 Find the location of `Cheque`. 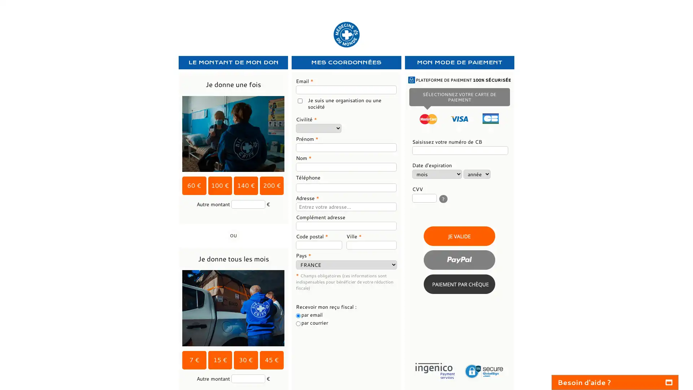

Cheque is located at coordinates (459, 283).